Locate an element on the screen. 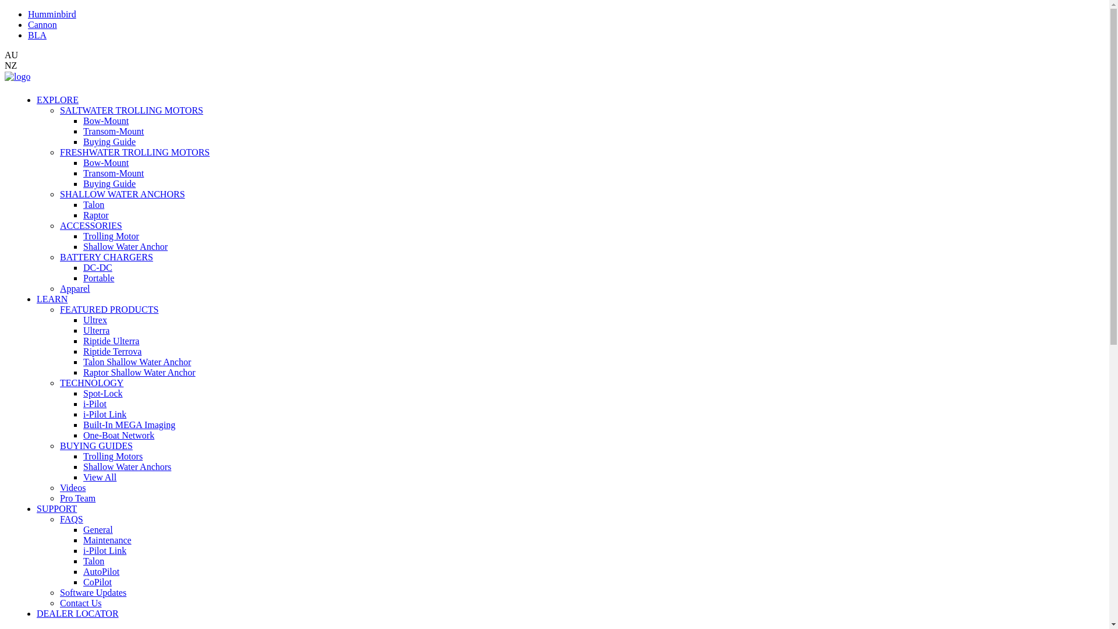  'SALTWATER TROLLING MOTORS' is located at coordinates (131, 110).